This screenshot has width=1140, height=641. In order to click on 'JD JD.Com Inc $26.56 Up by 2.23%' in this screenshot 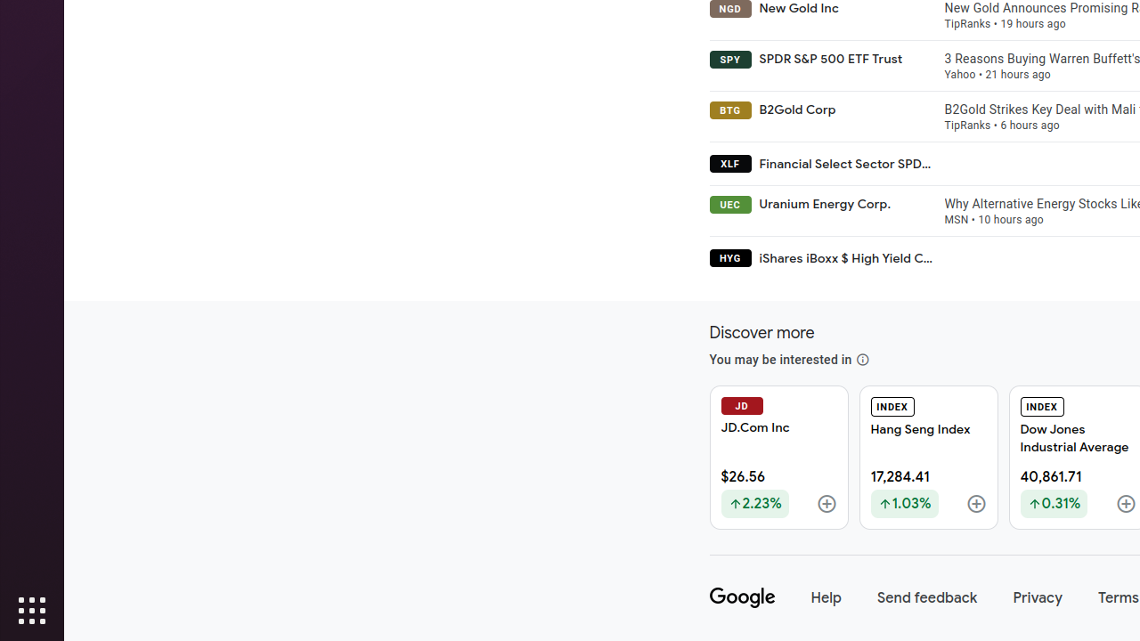, I will do `click(778, 457)`.